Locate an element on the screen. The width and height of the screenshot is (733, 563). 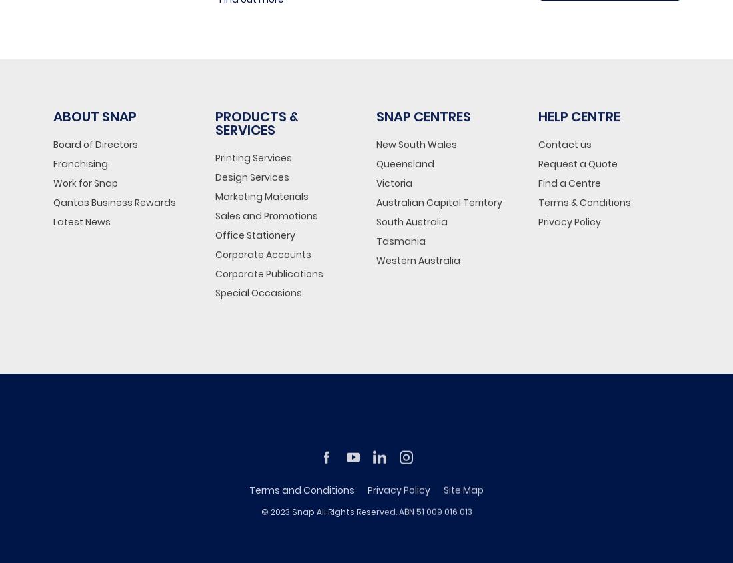
'Queensland' is located at coordinates (404, 162).